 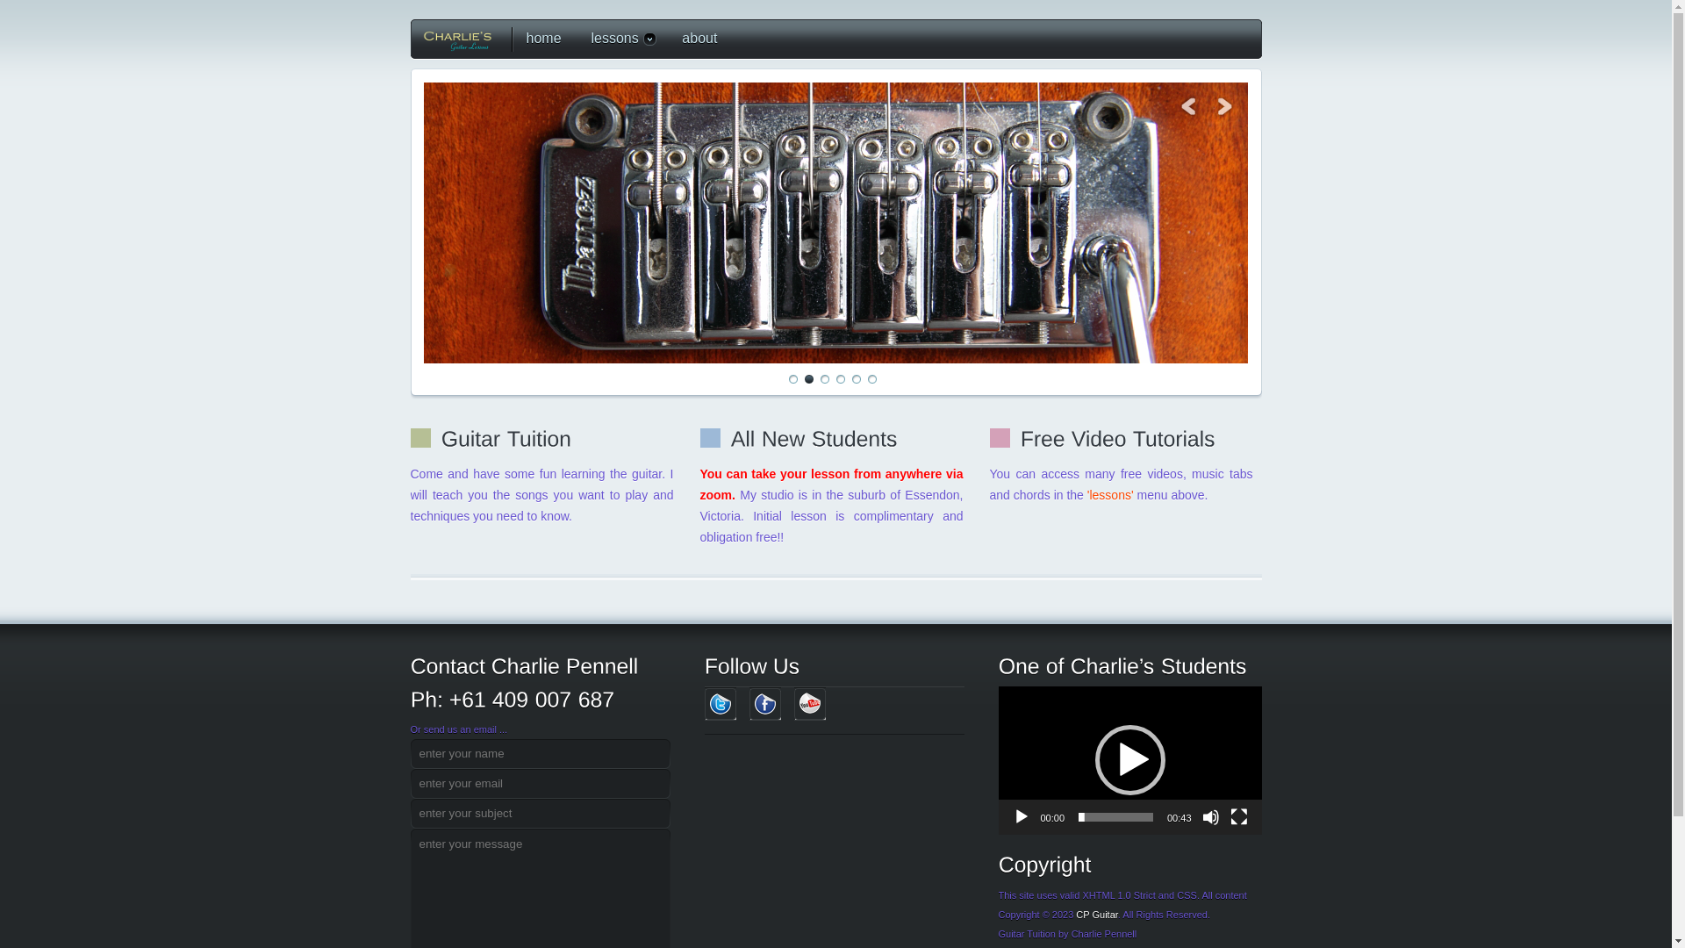 What do you see at coordinates (1111, 494) in the screenshot?
I see `''lessons''` at bounding box center [1111, 494].